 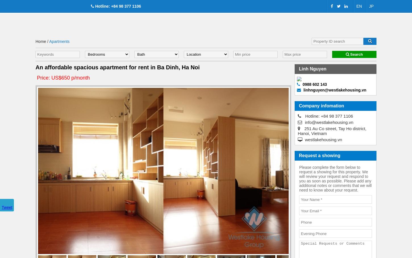 I want to click on 'An affordable spacious apartment for rent in Ba Dinh, Ha Noi', so click(x=117, y=67).